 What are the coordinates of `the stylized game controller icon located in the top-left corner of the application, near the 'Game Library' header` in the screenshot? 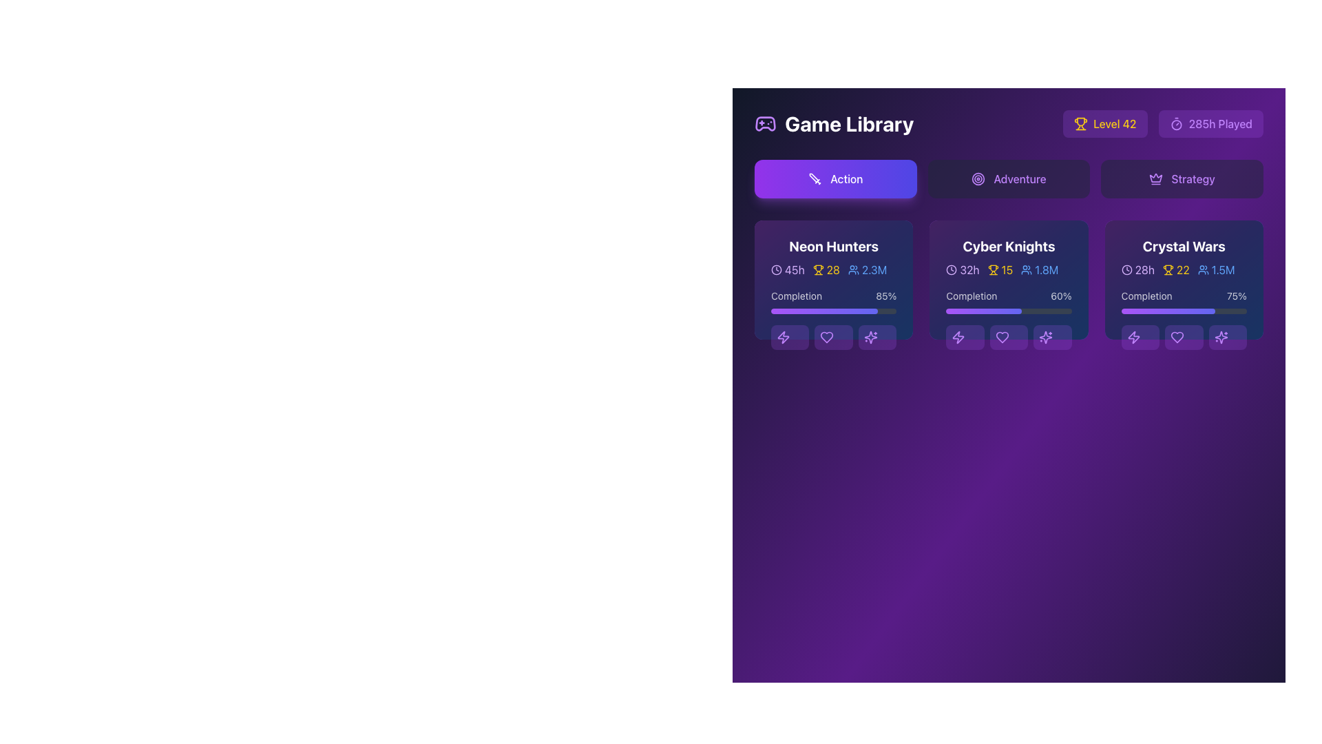 It's located at (765, 124).